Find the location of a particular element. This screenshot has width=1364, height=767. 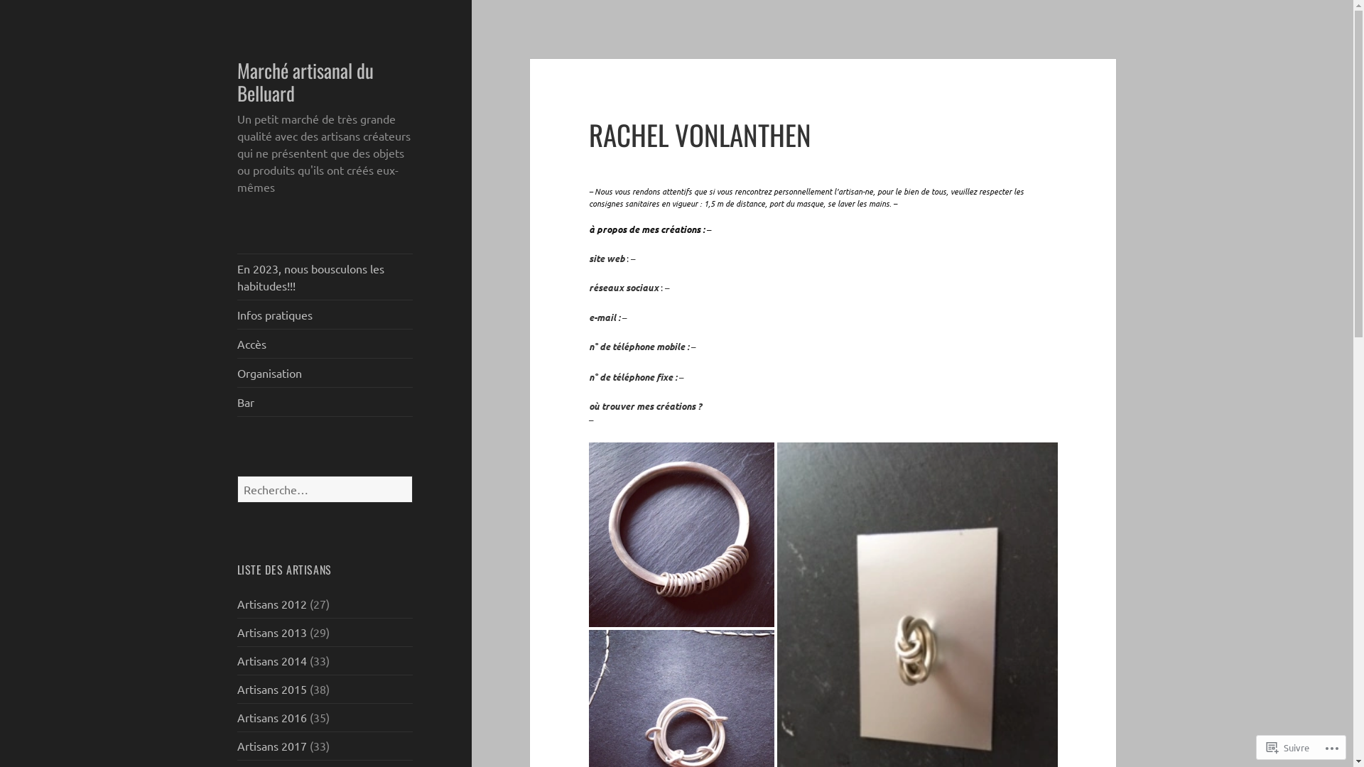

'En 2023, nous bousculons les habitudes!!!' is located at coordinates (324, 276).